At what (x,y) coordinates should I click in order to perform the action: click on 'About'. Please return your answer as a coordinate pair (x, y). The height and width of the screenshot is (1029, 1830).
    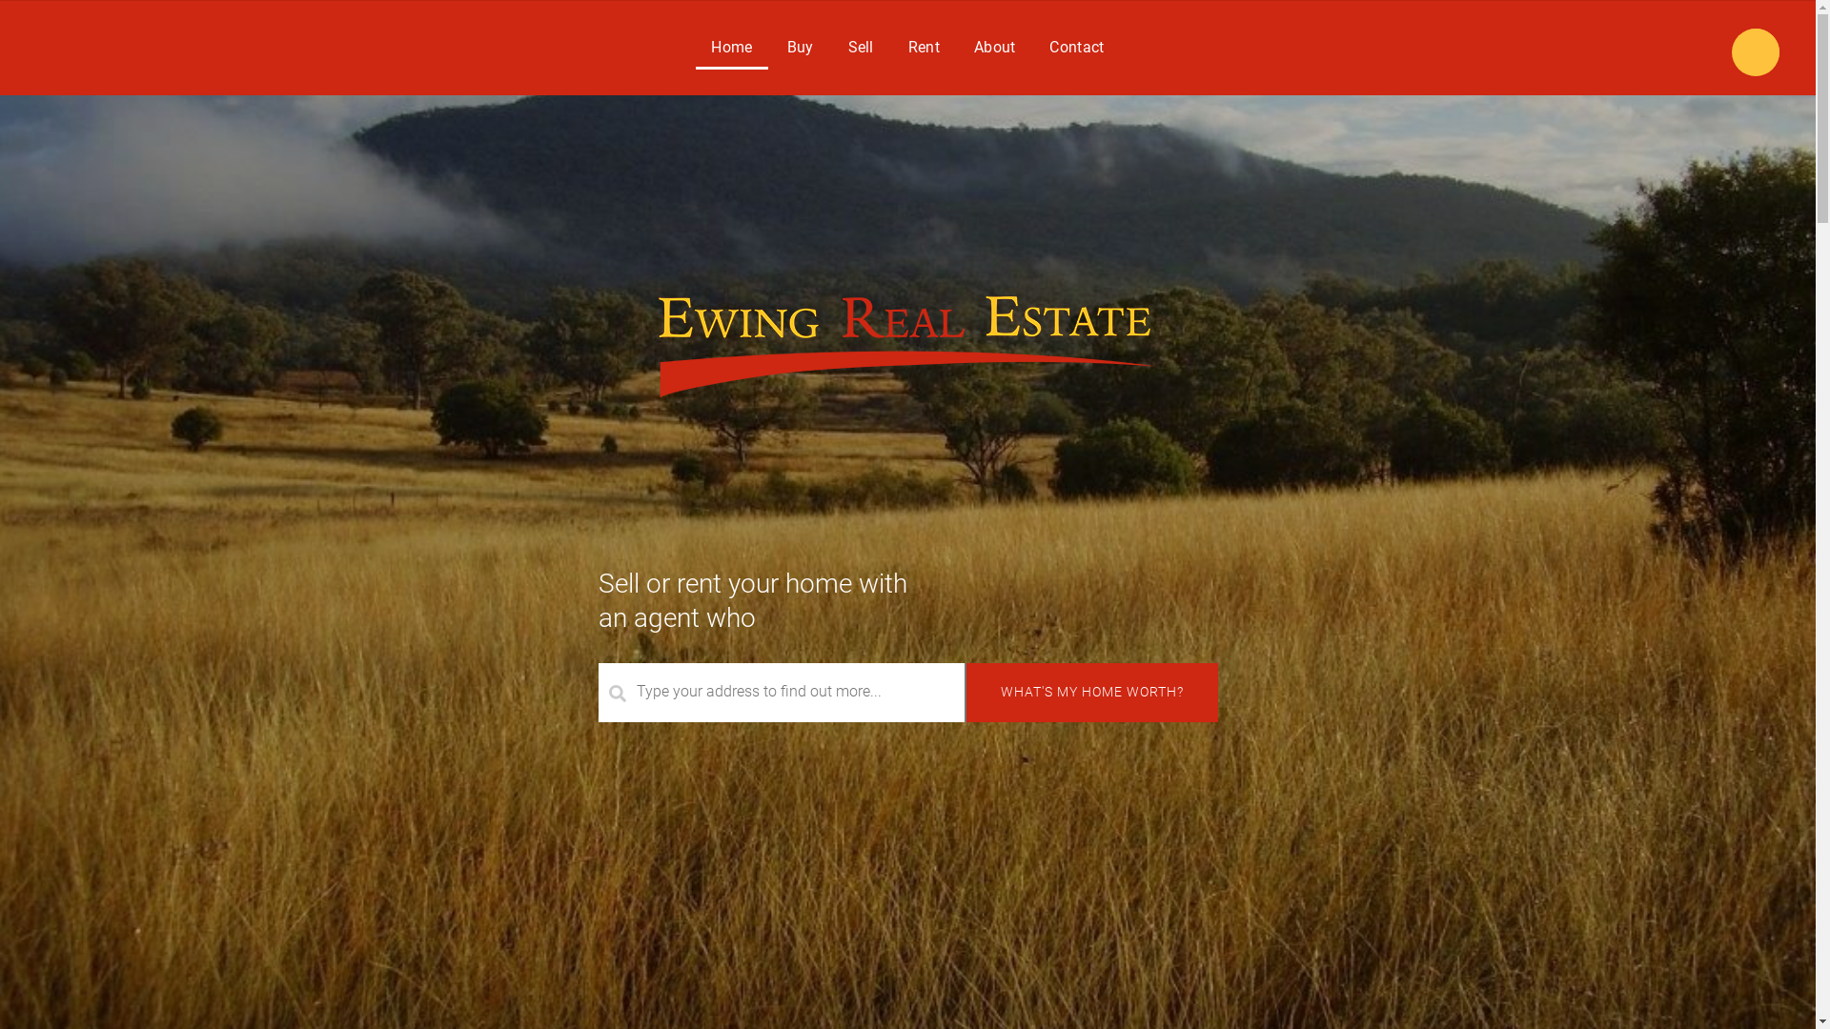
    Looking at the image, I should click on (974, 47).